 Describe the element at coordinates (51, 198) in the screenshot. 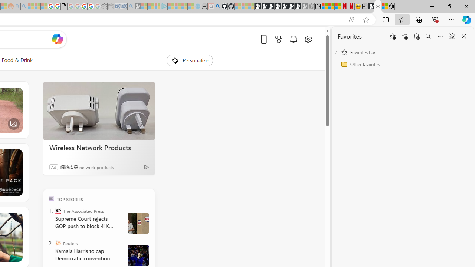

I see `'TOP'` at that location.